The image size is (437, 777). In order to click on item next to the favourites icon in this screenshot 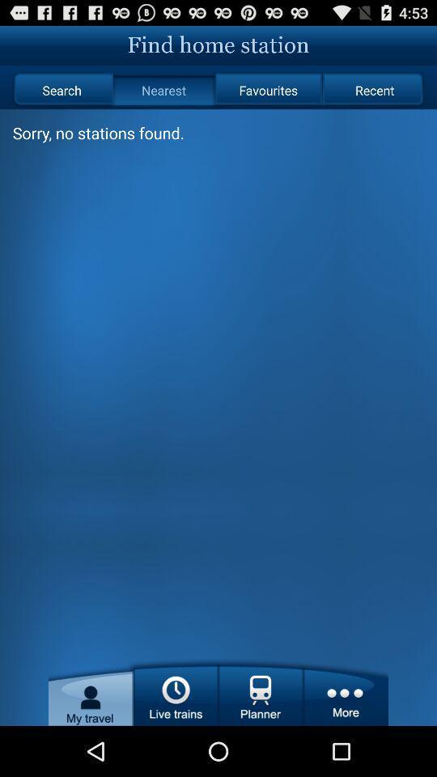, I will do `click(163, 90)`.